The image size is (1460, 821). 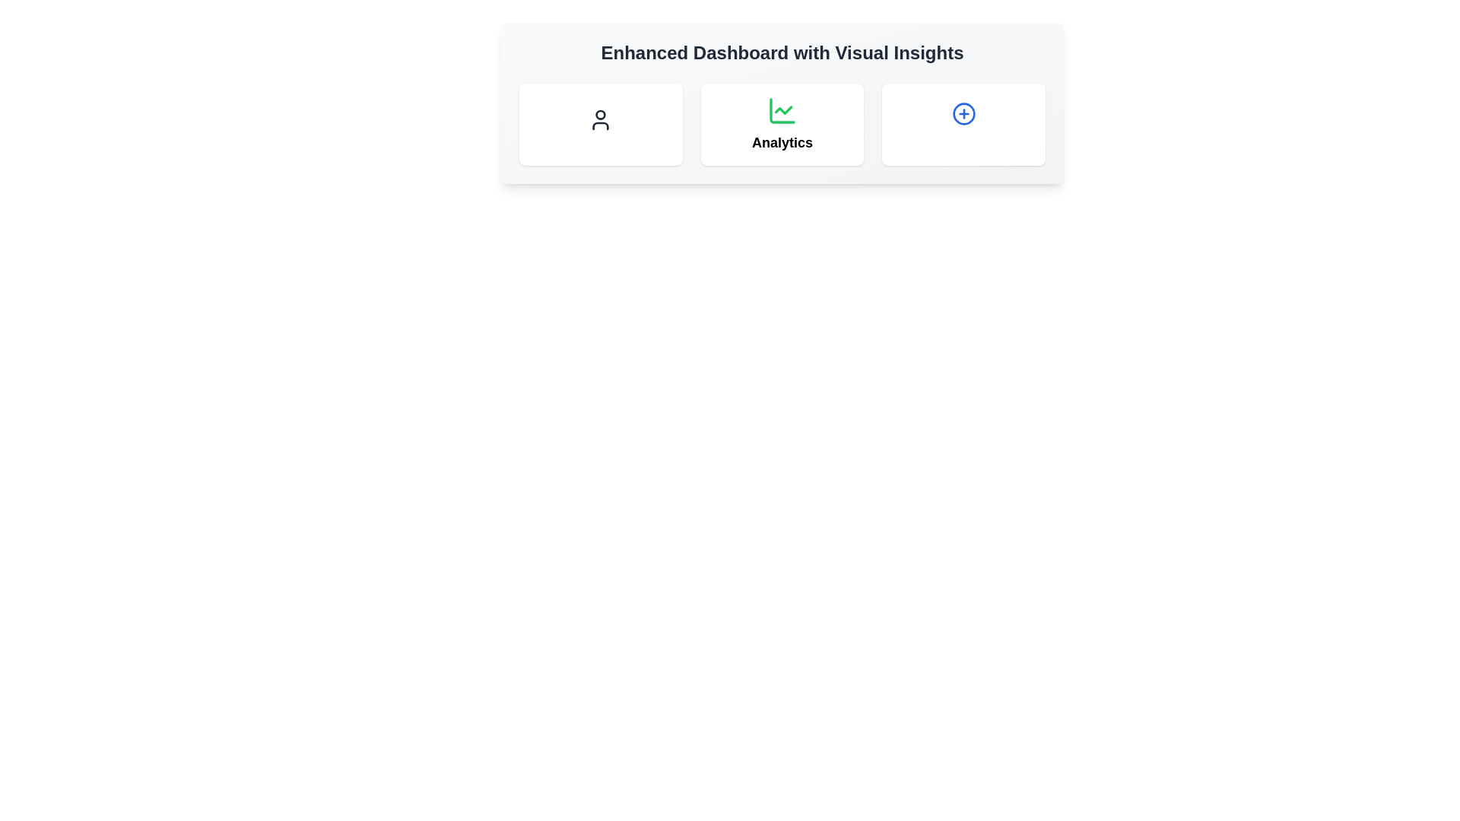 I want to click on the 'Analytics' clickable card located in the middle of the three-column grid layout, so click(x=782, y=124).